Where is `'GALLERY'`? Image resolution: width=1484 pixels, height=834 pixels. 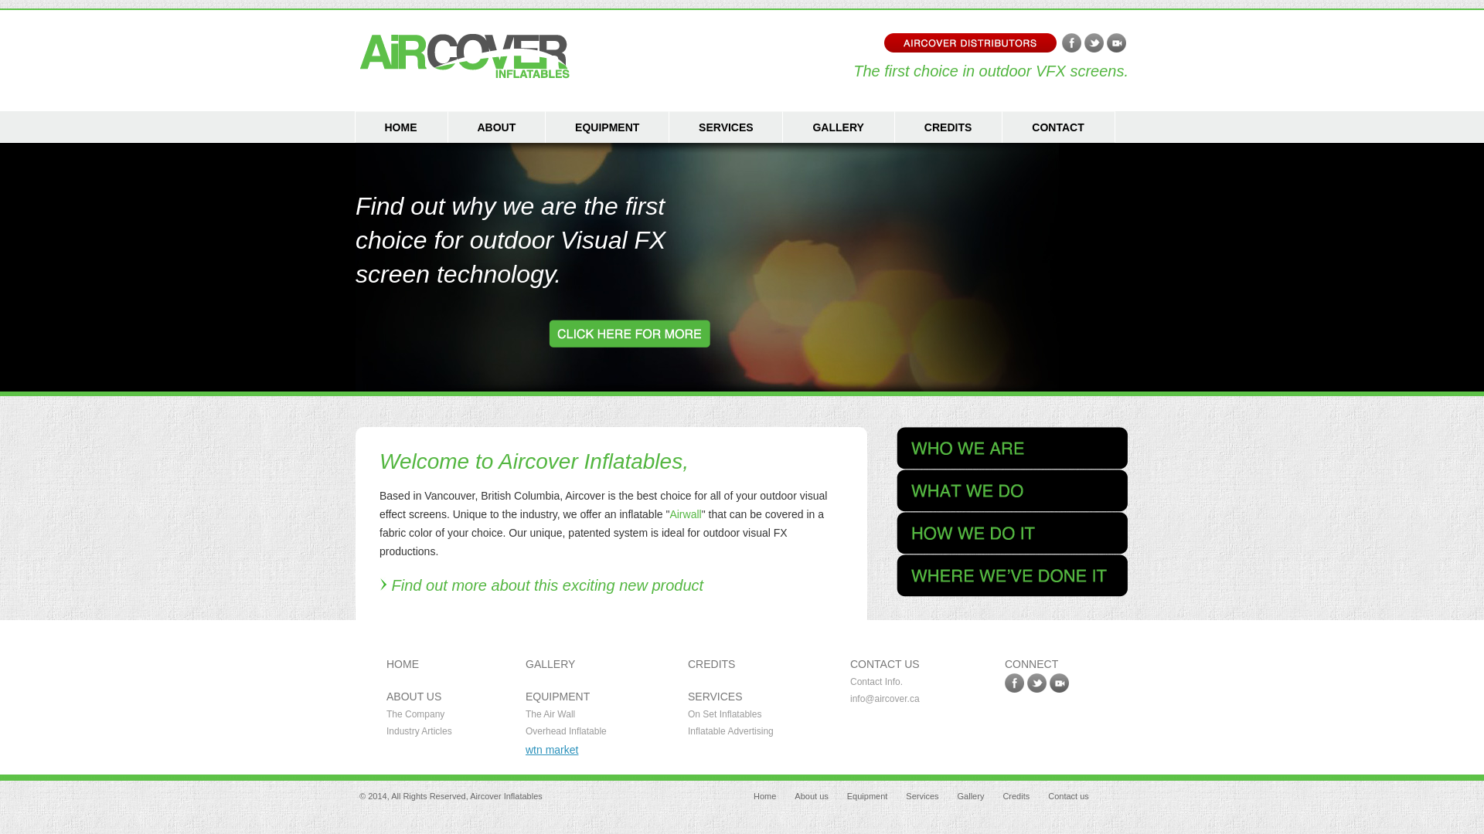 'GALLERY' is located at coordinates (837, 126).